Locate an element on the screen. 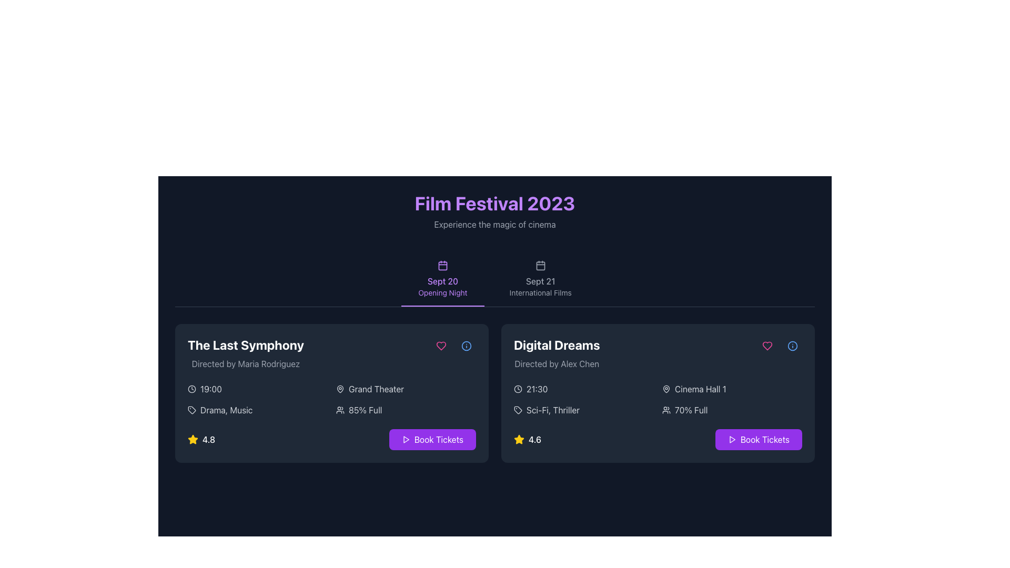 Image resolution: width=1010 pixels, height=568 pixels. the heart-shaped 'like' icon outlined in pink located in the top-right corner of the film 'The Last Symphony' card to mark it as a favorite is located at coordinates (441, 346).